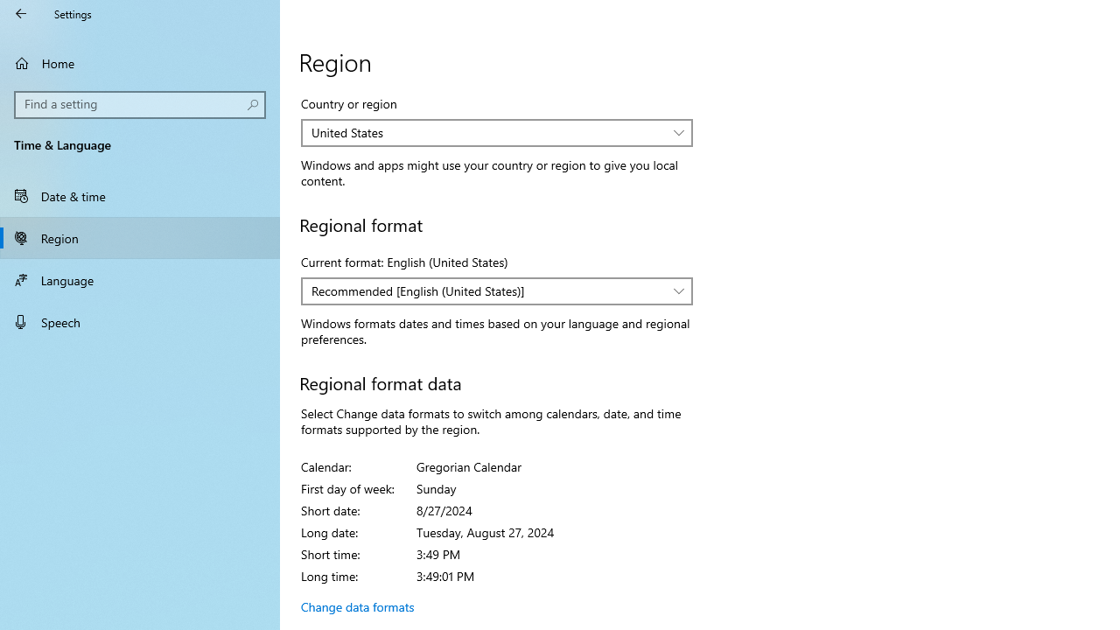 This screenshot has width=1120, height=630. I want to click on 'United States', so click(488, 131).